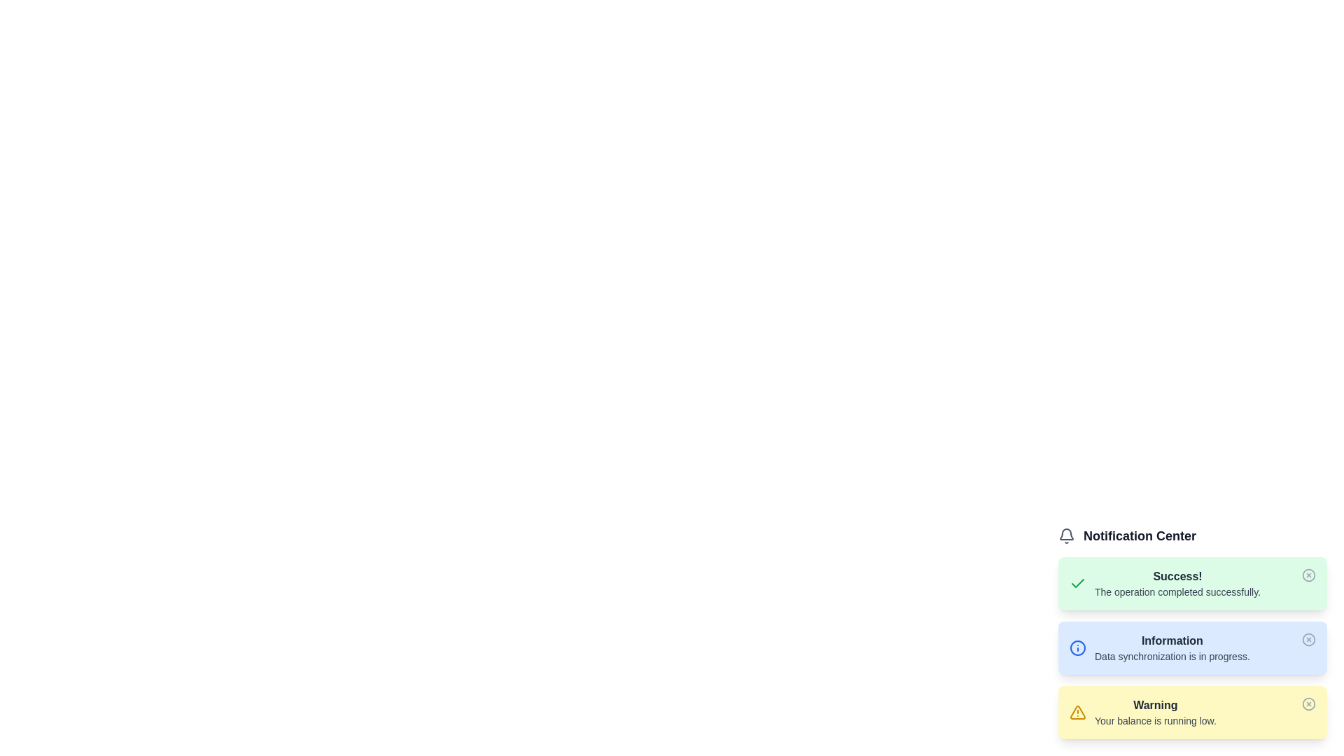 This screenshot has width=1344, height=756. I want to click on the green checkmark icon located at the upper left corner of the green-tinted message box indicating 'Success! The operation completed successfully.', so click(1077, 583).